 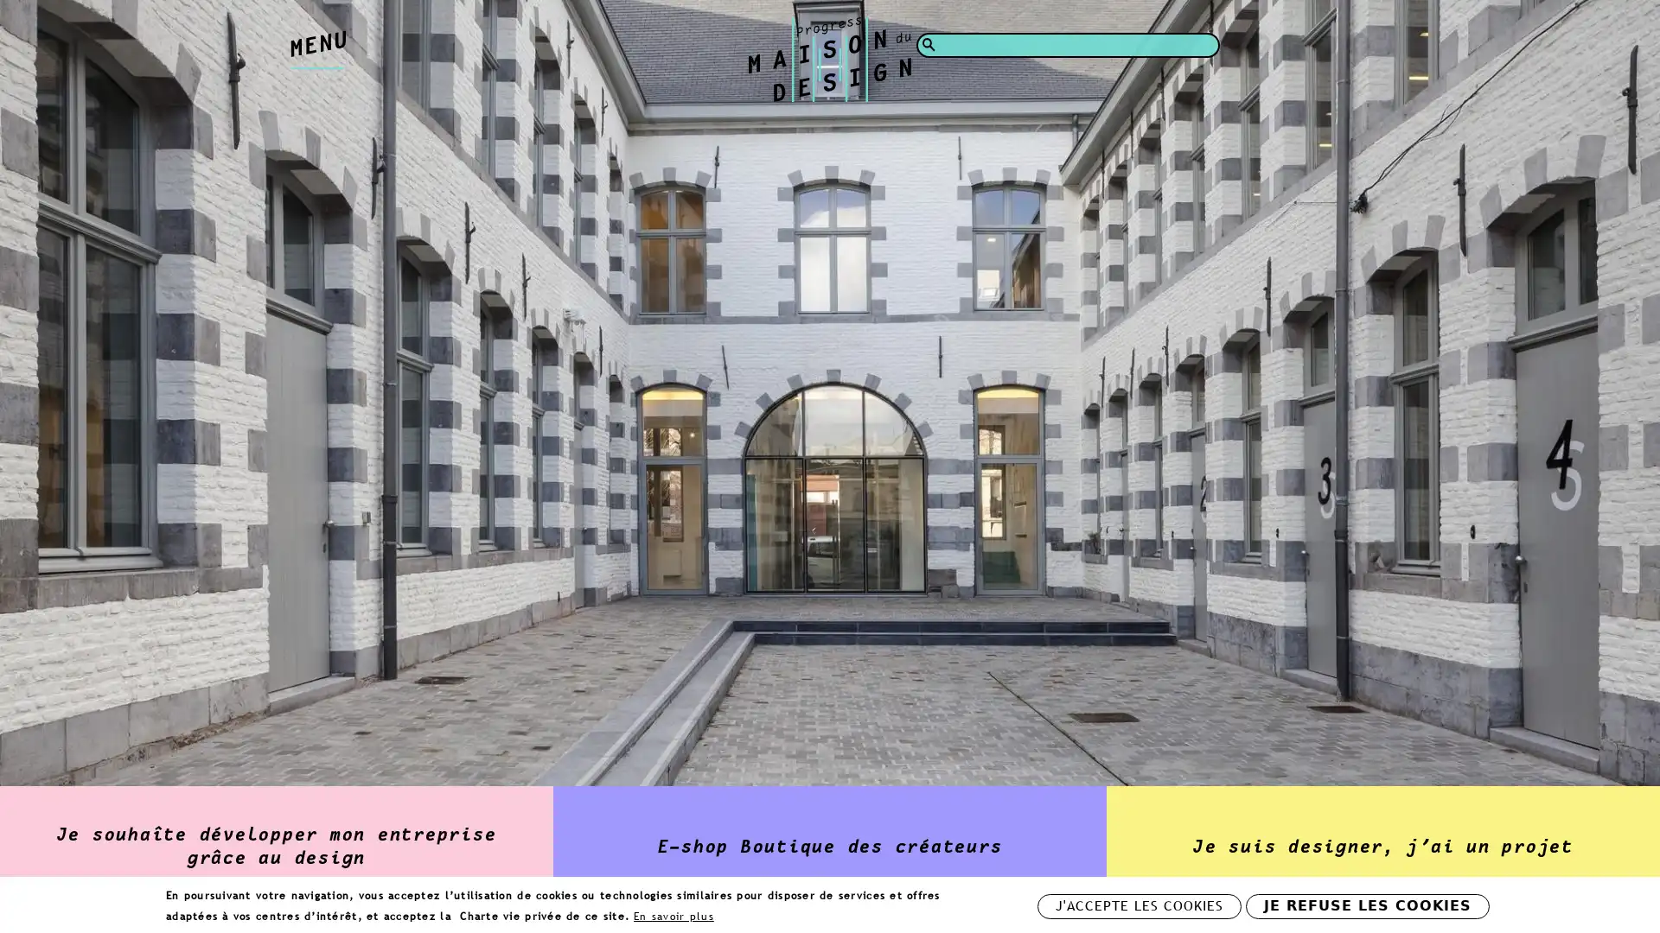 What do you see at coordinates (672, 915) in the screenshot?
I see `En savoir plus` at bounding box center [672, 915].